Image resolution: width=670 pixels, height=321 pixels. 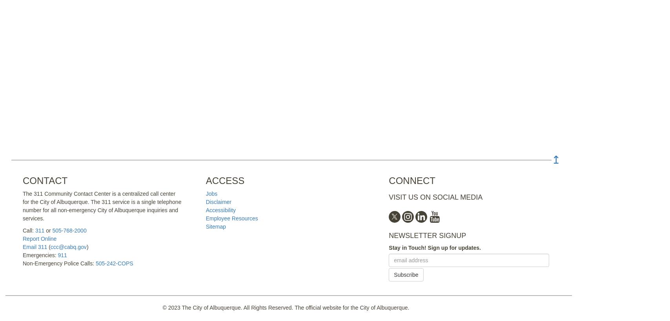 What do you see at coordinates (206, 218) in the screenshot?
I see `'Employee Resources'` at bounding box center [206, 218].